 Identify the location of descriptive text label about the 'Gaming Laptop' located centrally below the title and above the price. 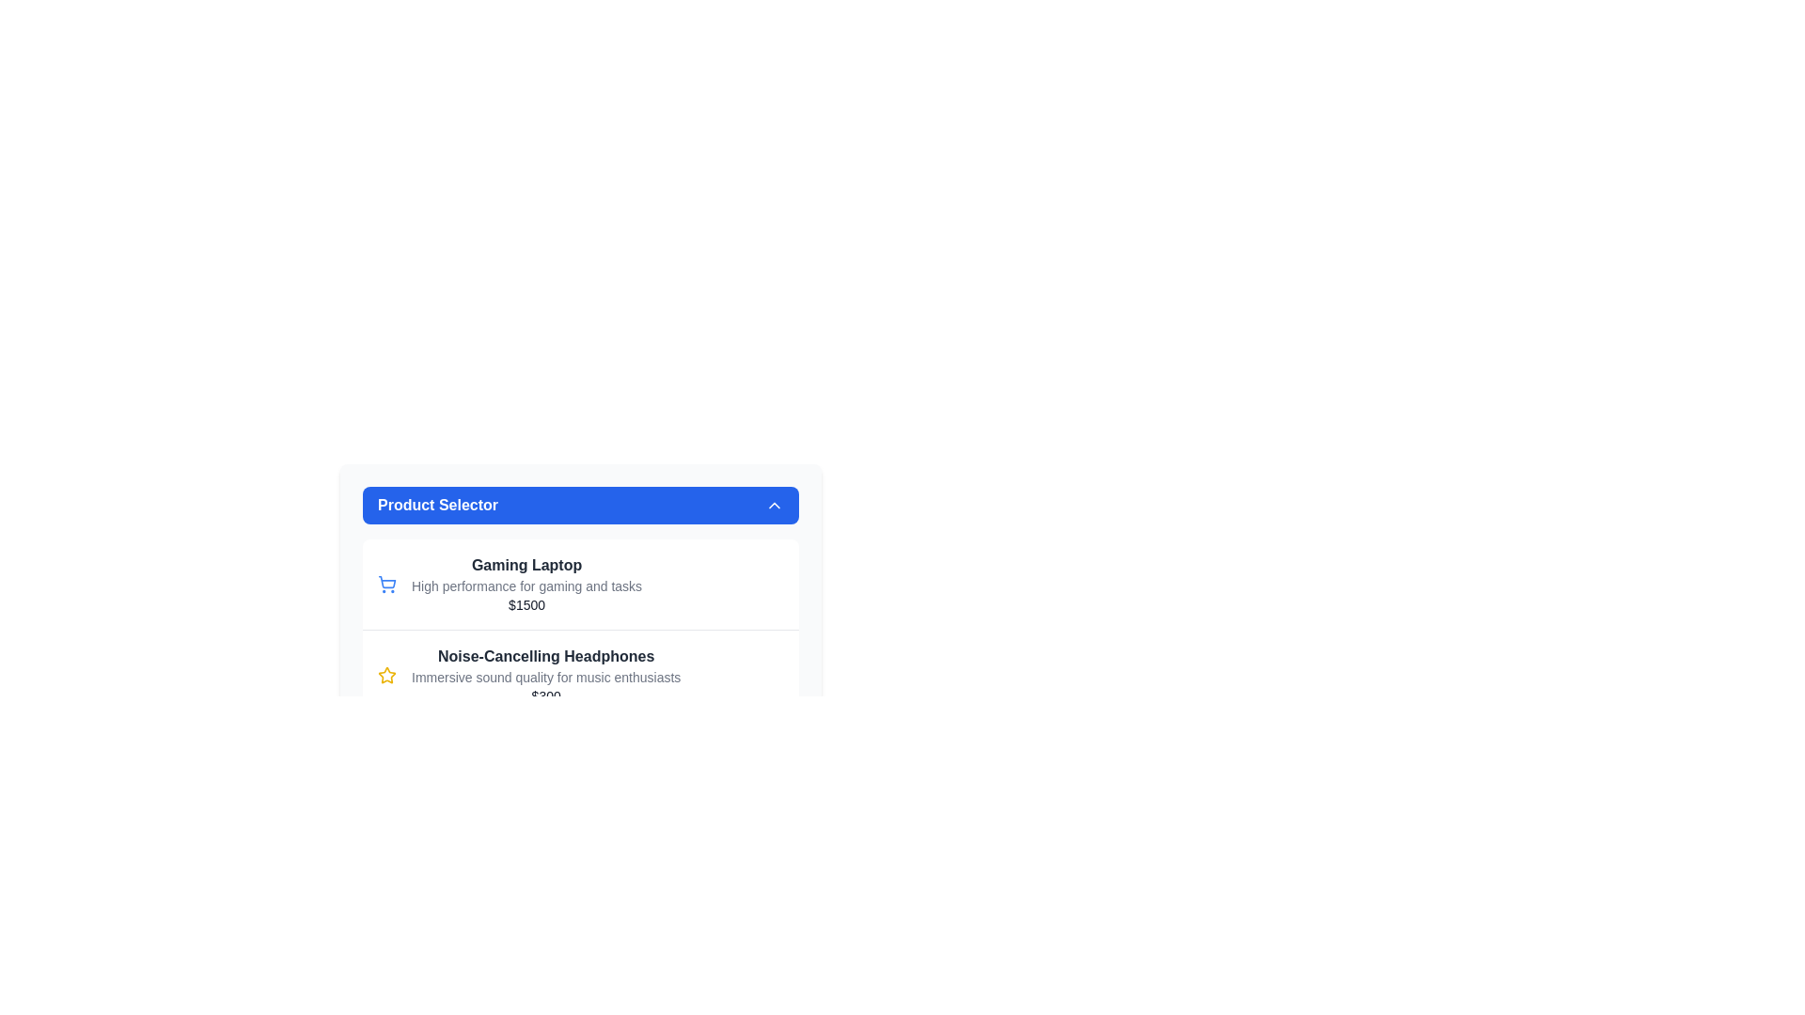
(526, 586).